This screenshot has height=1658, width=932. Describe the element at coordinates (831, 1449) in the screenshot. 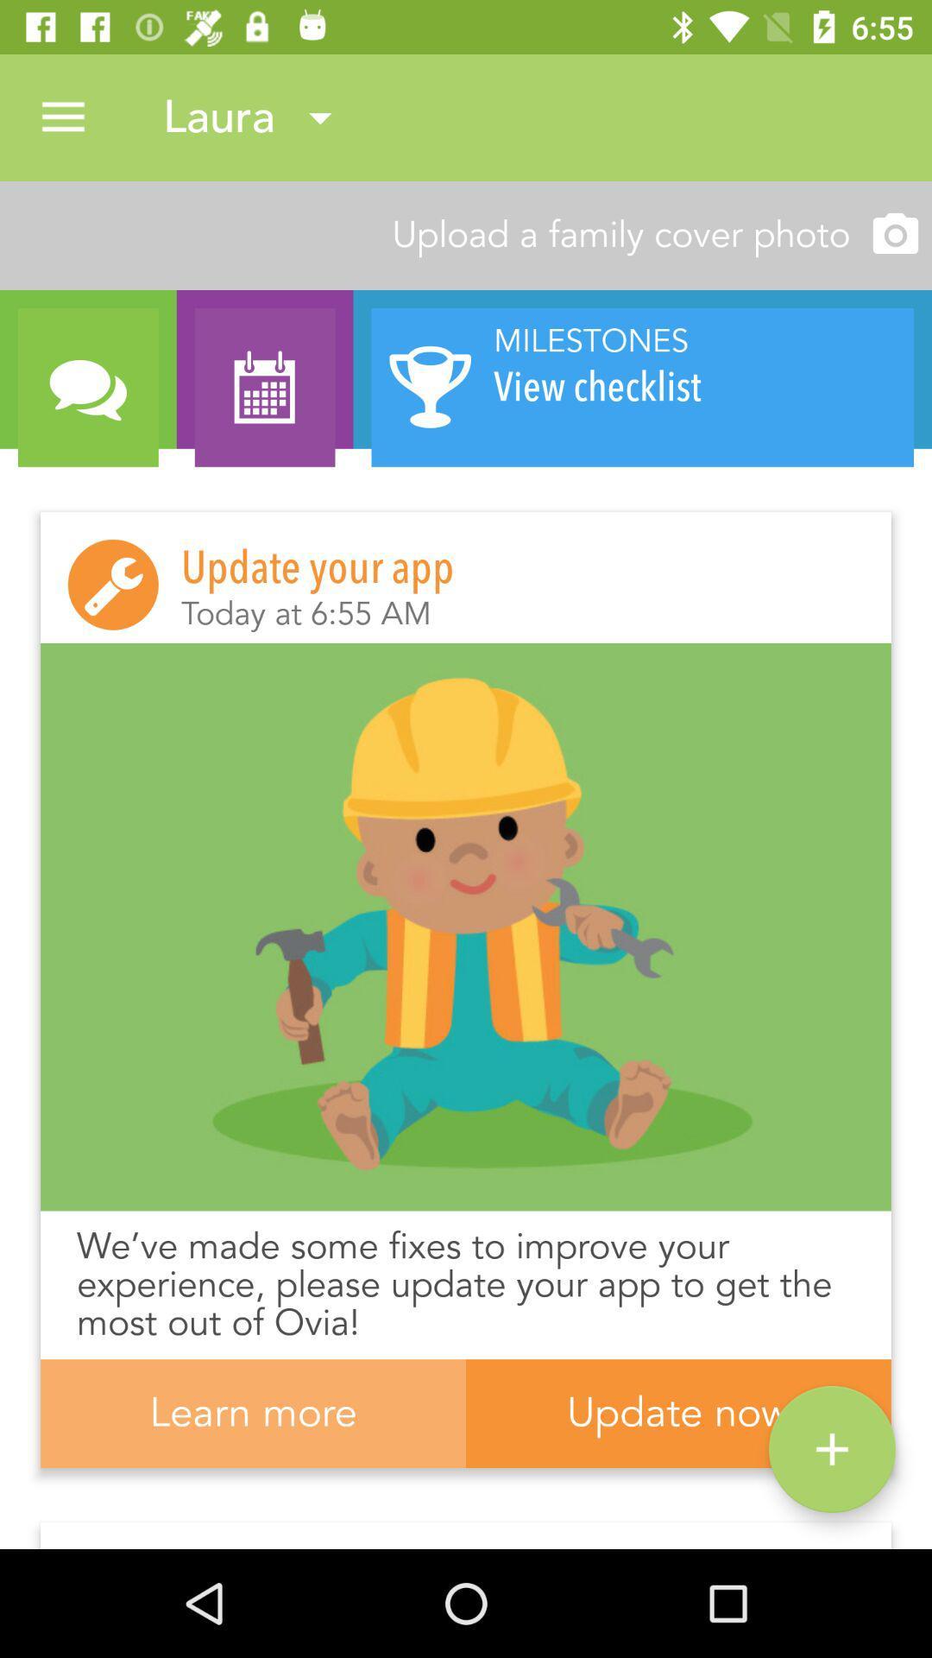

I see `icon next to learn more icon` at that location.